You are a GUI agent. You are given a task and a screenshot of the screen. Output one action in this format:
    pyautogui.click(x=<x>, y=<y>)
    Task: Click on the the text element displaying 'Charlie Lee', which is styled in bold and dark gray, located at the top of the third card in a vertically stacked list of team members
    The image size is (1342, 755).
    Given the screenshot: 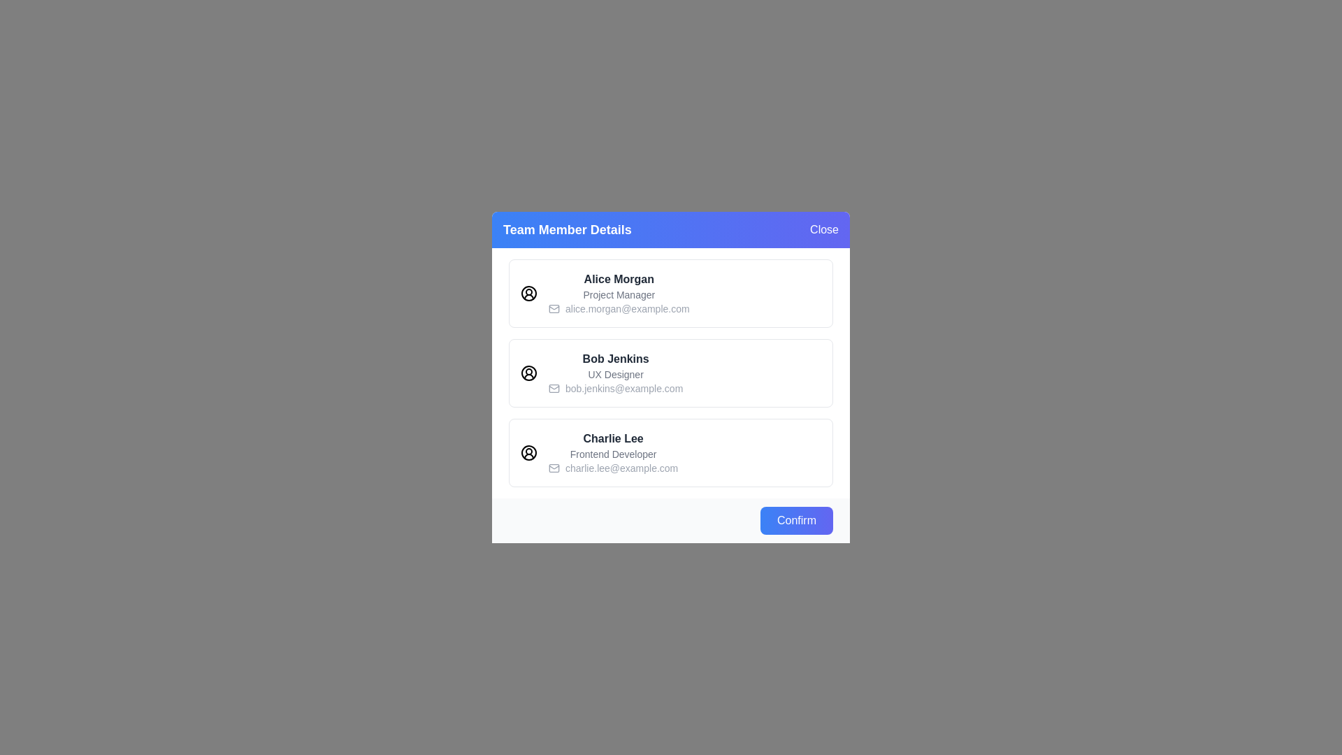 What is the action you would take?
    pyautogui.click(x=613, y=438)
    